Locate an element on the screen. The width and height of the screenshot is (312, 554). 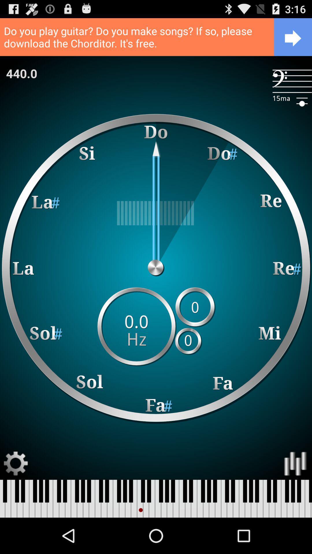
icon below the c a r is located at coordinates (292, 81).